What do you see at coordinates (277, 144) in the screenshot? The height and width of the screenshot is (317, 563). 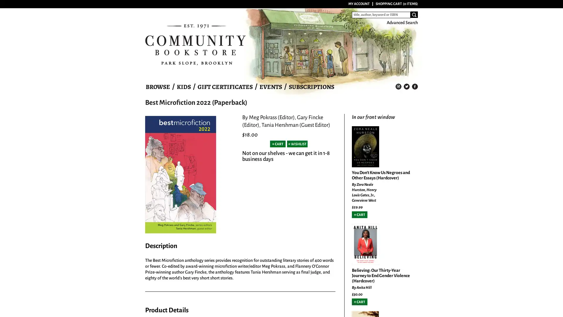 I see `Add to Cart` at bounding box center [277, 144].